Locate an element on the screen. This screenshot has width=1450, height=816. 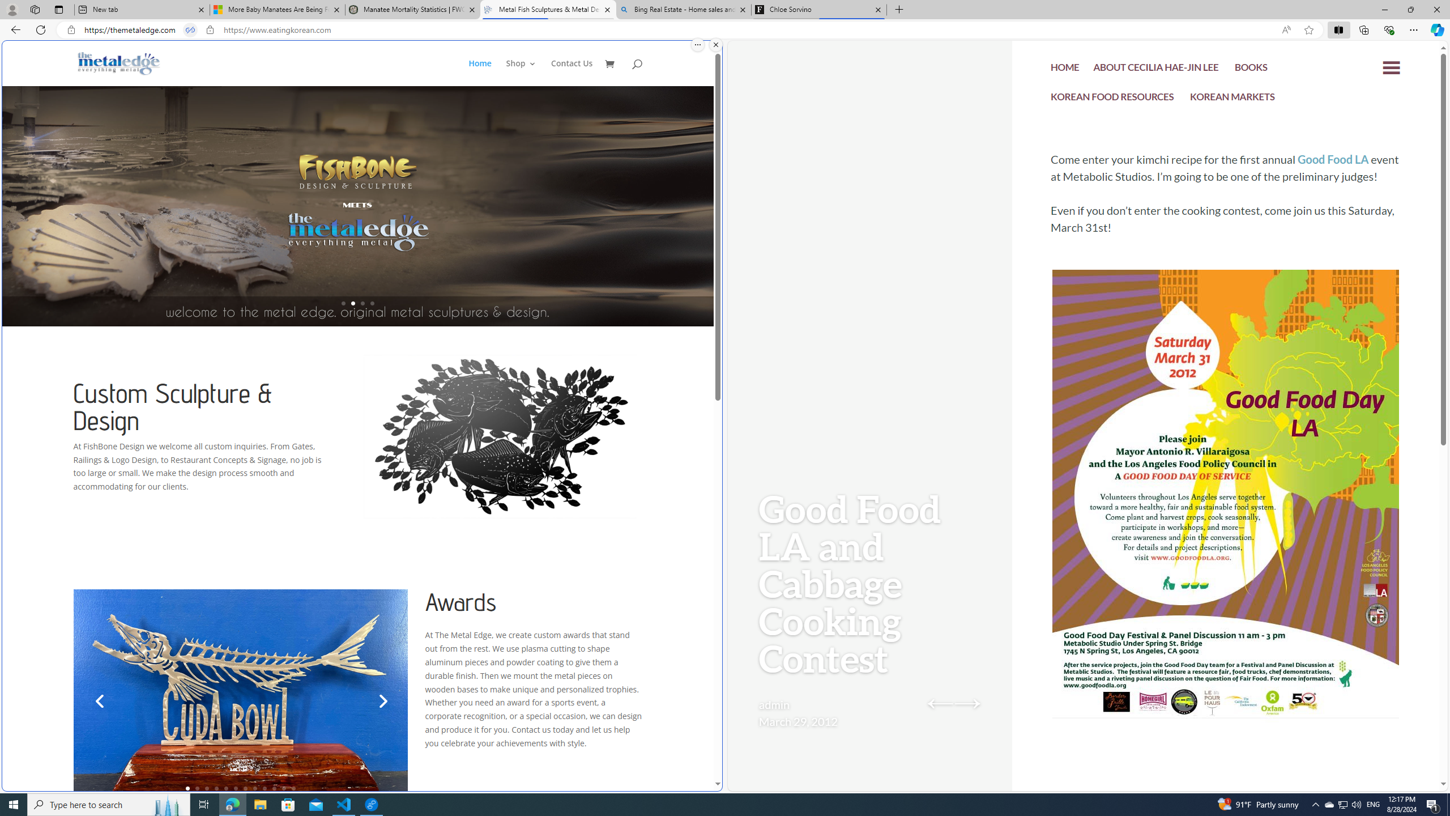
'KOREAN MARKETS' is located at coordinates (1232, 97).